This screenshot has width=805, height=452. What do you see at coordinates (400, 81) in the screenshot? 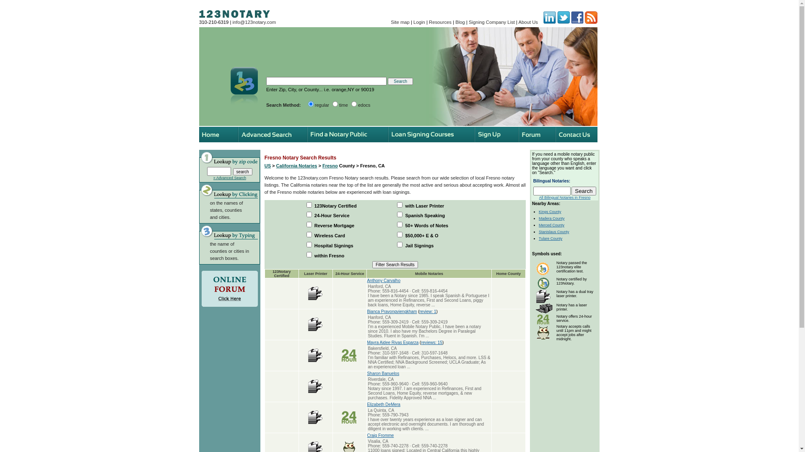
I see `'Search'` at bounding box center [400, 81].